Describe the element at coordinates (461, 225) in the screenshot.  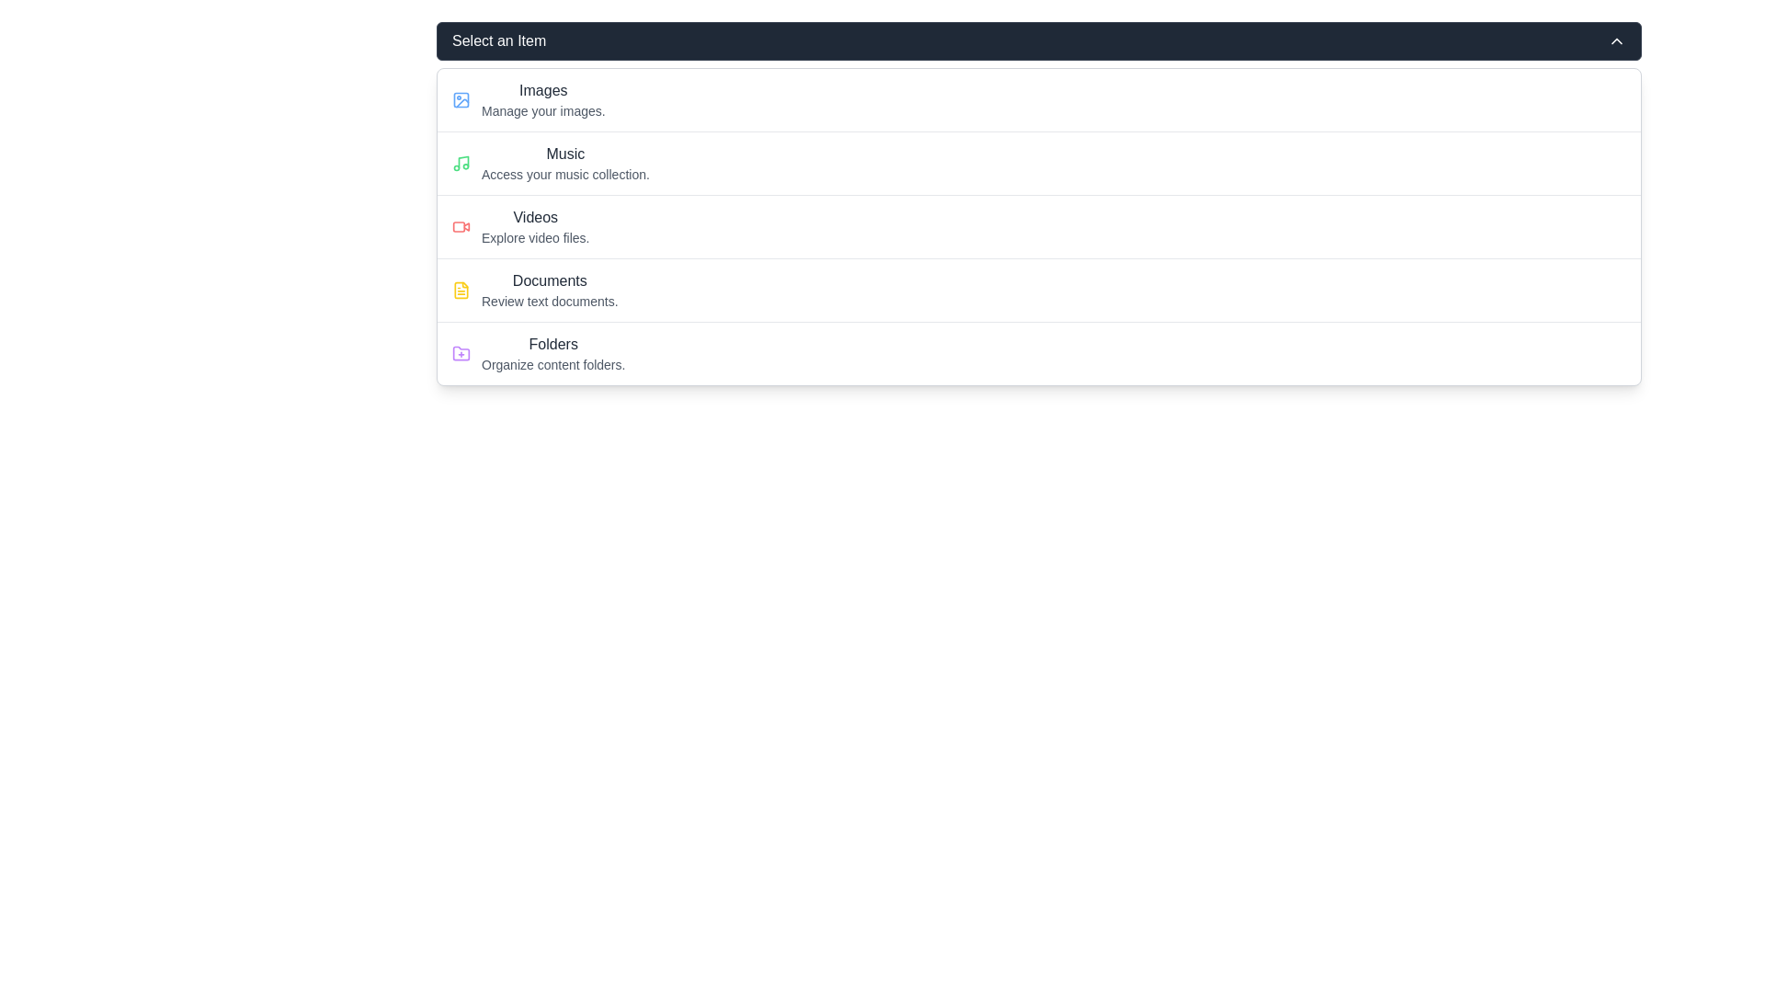
I see `the red video camera icon, which is part of the 'Videos' menu option, located to the left of the 'Videos' text label` at that location.